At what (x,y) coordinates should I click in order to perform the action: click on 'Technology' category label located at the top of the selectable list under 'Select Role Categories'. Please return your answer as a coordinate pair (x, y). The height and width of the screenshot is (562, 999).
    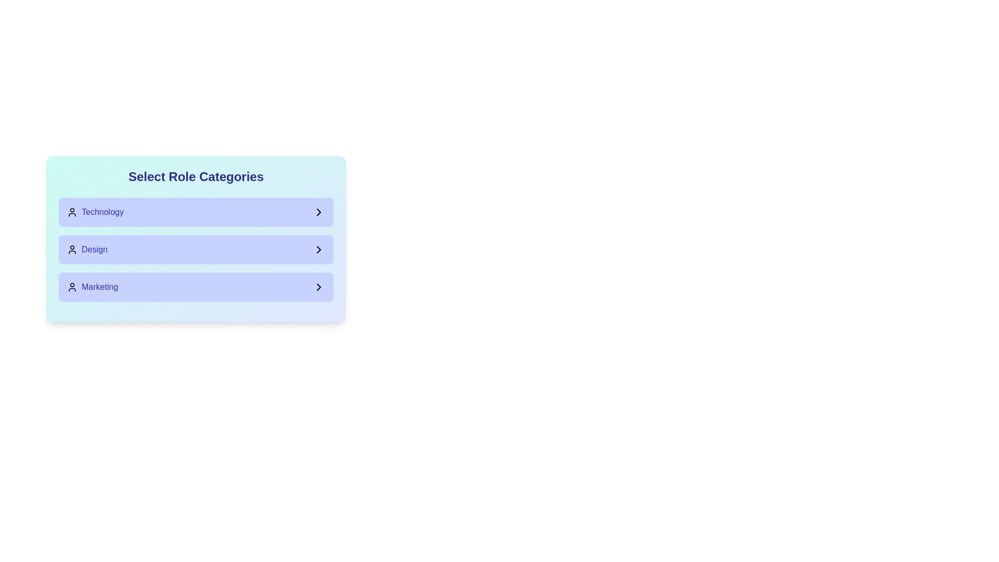
    Looking at the image, I should click on (103, 212).